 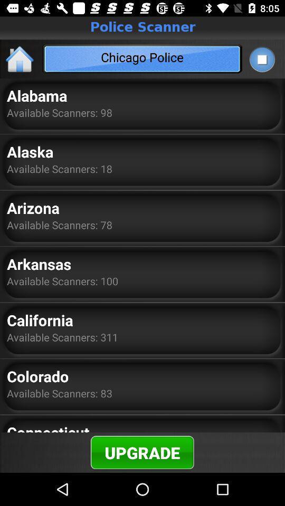 I want to click on arkansas app, so click(x=39, y=263).